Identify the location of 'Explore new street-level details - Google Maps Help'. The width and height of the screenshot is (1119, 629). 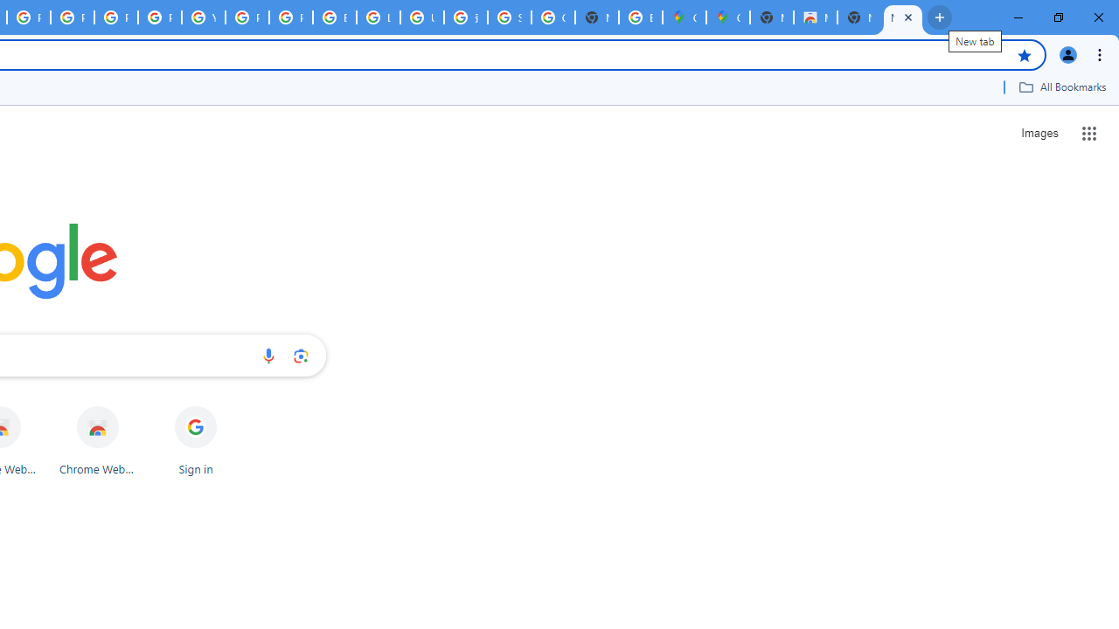
(639, 17).